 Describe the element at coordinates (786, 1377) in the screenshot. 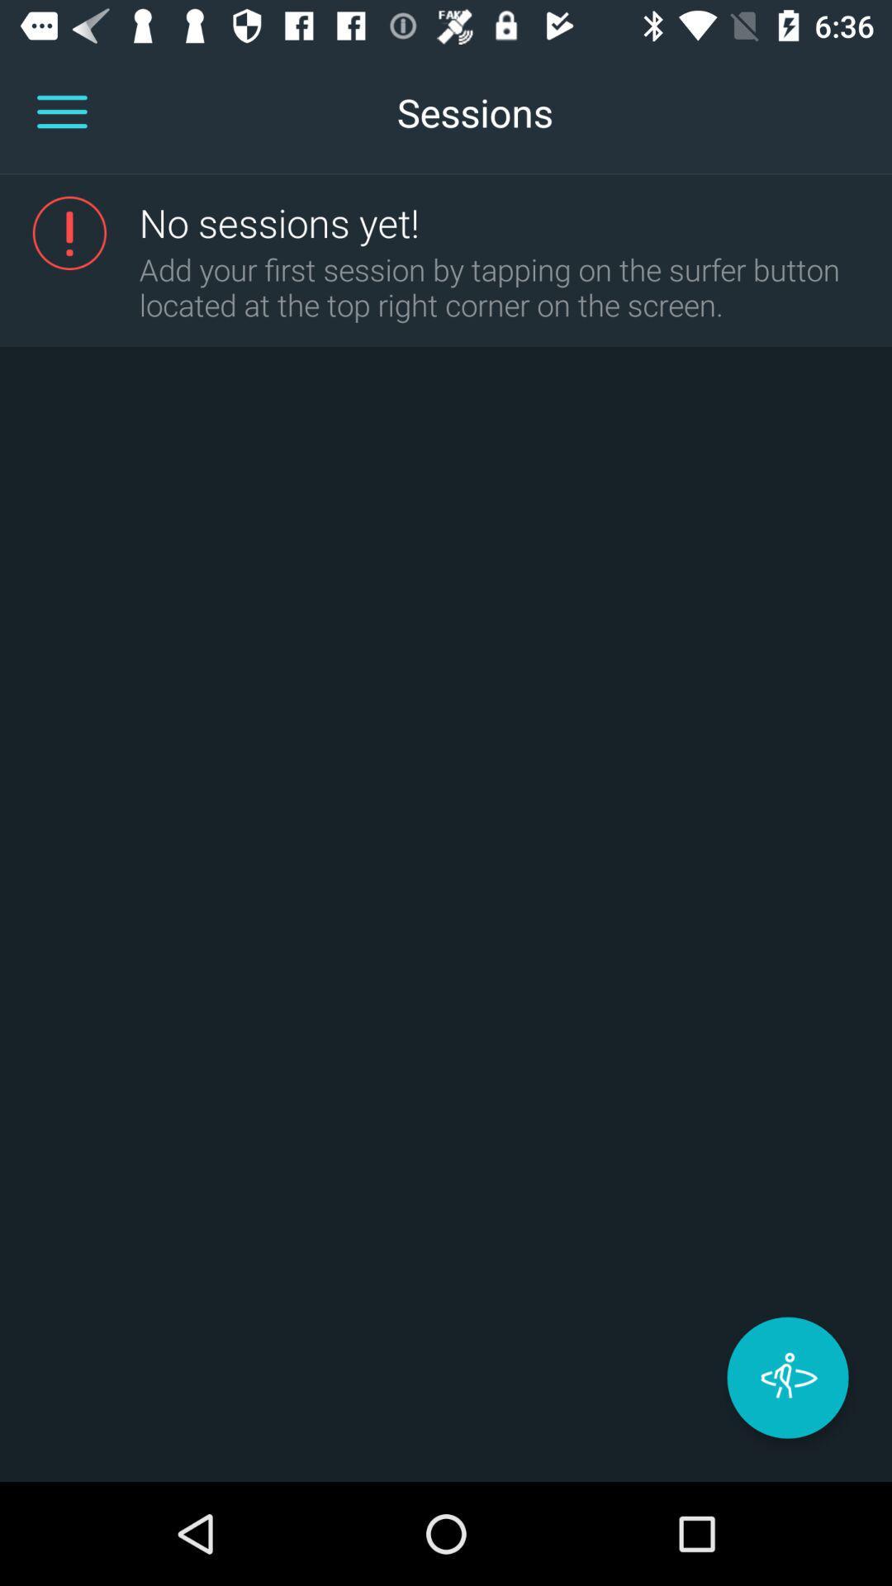

I see `the star icon` at that location.